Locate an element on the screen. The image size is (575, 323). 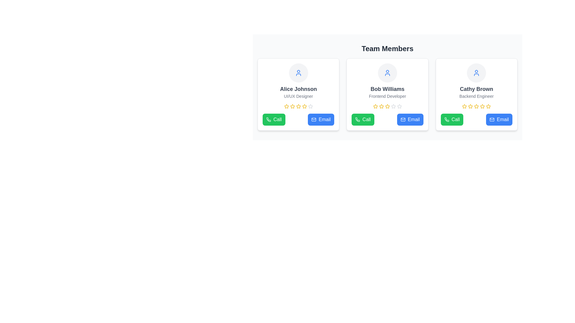
the phone icon, which is a small vector graphic with rounded shape and green line work, located to the left of the 'Call' text inside the green button in Alice Johnson's member card is located at coordinates (268, 120).